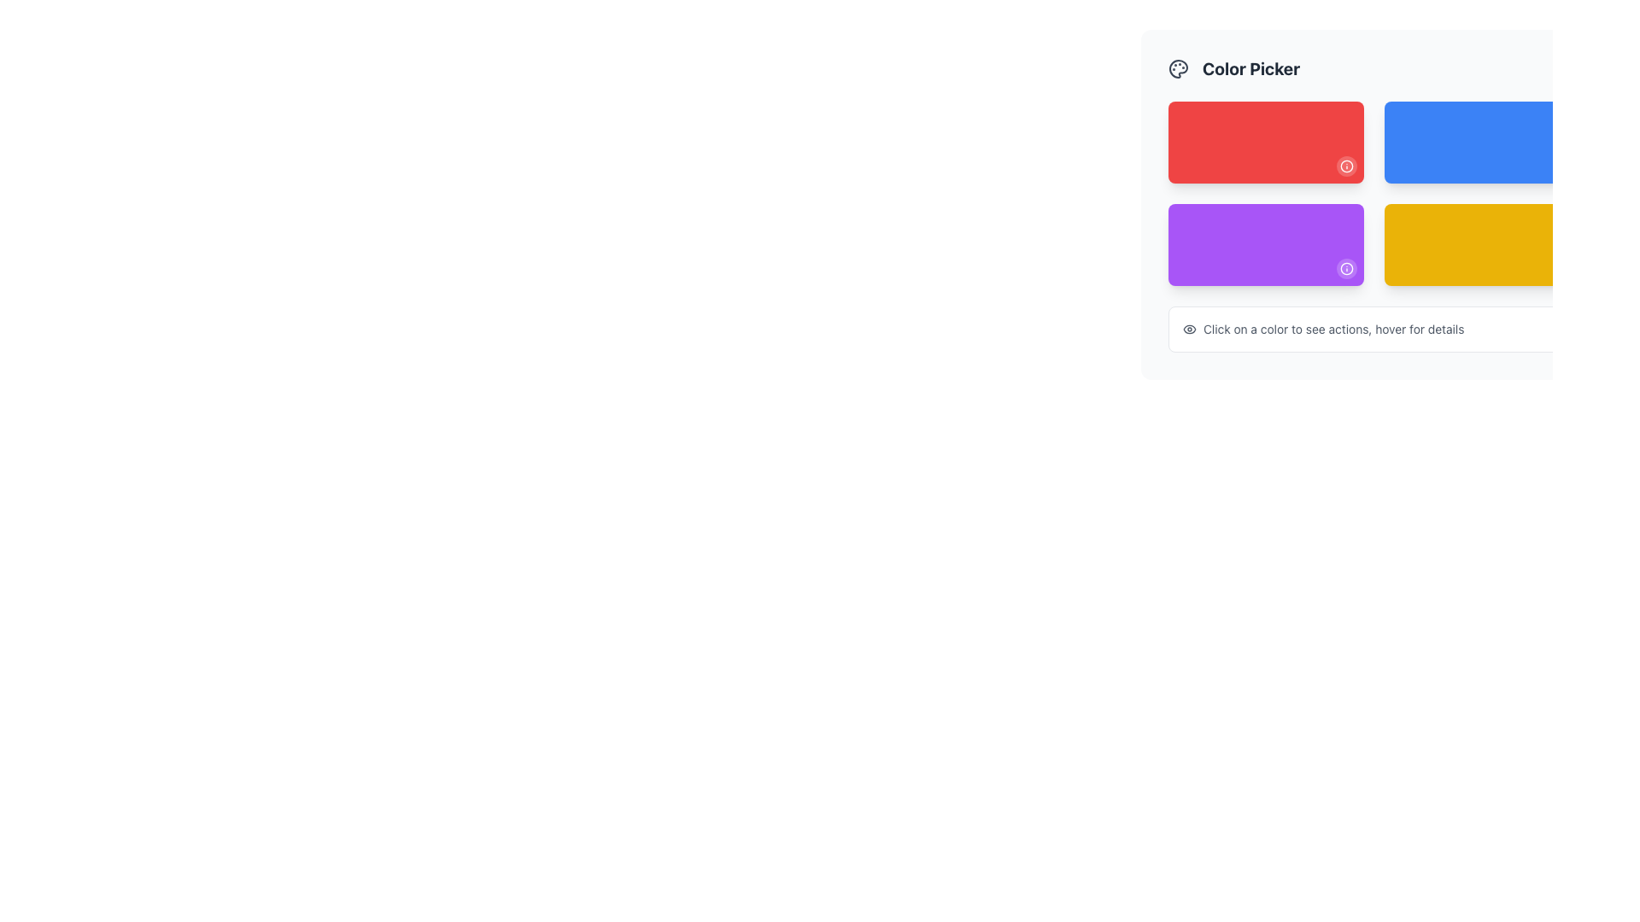 The image size is (1640, 922). What do you see at coordinates (1178, 68) in the screenshot?
I see `the circular gray palette icon located to the left of the 'Color Picker' heading` at bounding box center [1178, 68].